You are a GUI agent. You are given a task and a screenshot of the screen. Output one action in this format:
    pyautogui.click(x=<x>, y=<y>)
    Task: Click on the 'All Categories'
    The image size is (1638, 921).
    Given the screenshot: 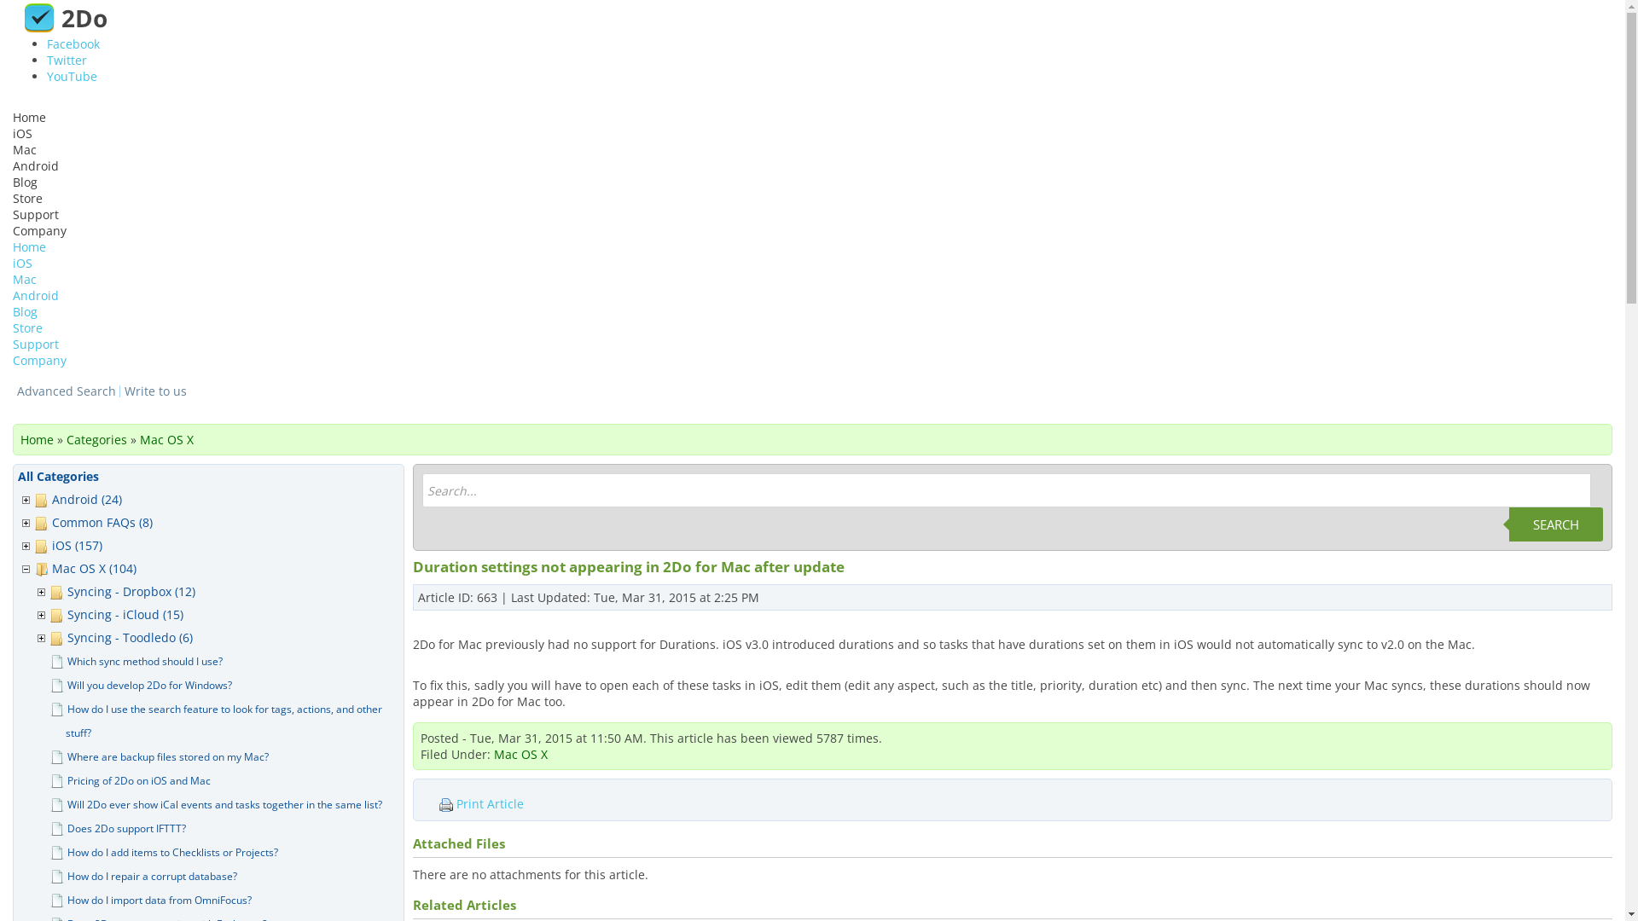 What is the action you would take?
    pyautogui.click(x=58, y=476)
    